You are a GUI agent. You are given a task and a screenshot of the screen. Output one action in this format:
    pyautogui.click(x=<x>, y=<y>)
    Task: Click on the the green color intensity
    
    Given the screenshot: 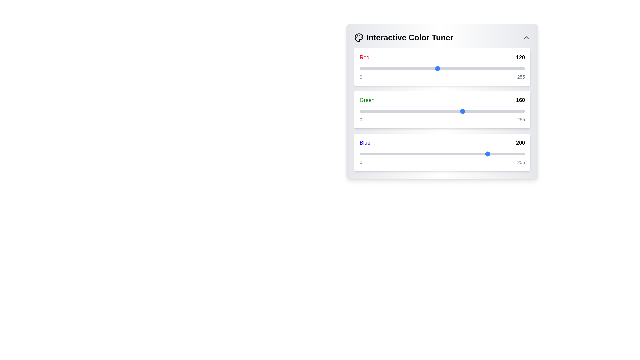 What is the action you would take?
    pyautogui.click(x=403, y=111)
    